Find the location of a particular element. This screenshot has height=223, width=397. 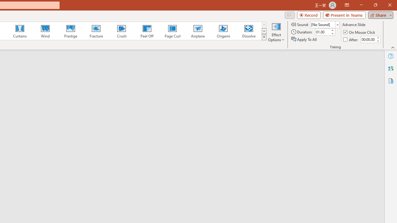

'Curtains' is located at coordinates (20, 31).